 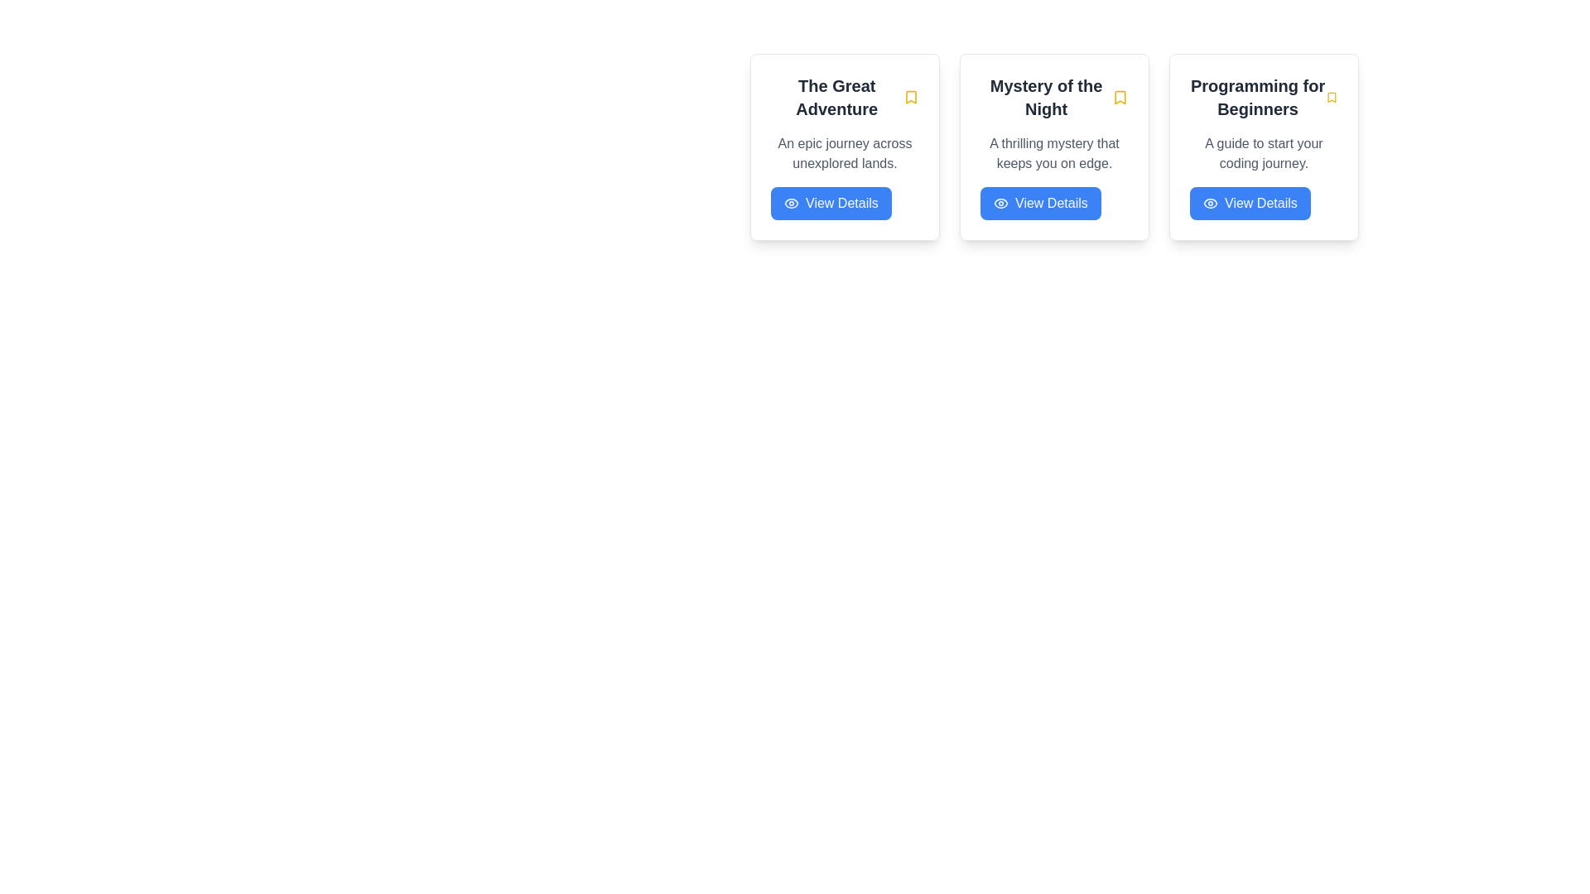 I want to click on the bold, large-sized, dark-gray text label reading 'Mystery of the Night', located at the top-center of the card, so click(x=1045, y=98).